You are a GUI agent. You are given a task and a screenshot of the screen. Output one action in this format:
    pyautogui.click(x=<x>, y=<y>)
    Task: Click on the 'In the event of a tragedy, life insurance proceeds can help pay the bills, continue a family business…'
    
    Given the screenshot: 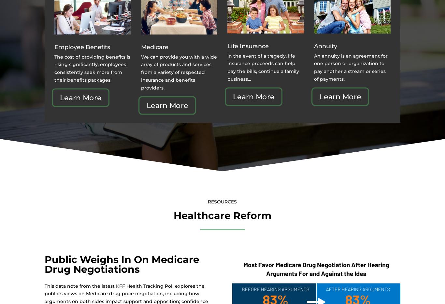 What is the action you would take?
    pyautogui.click(x=263, y=67)
    